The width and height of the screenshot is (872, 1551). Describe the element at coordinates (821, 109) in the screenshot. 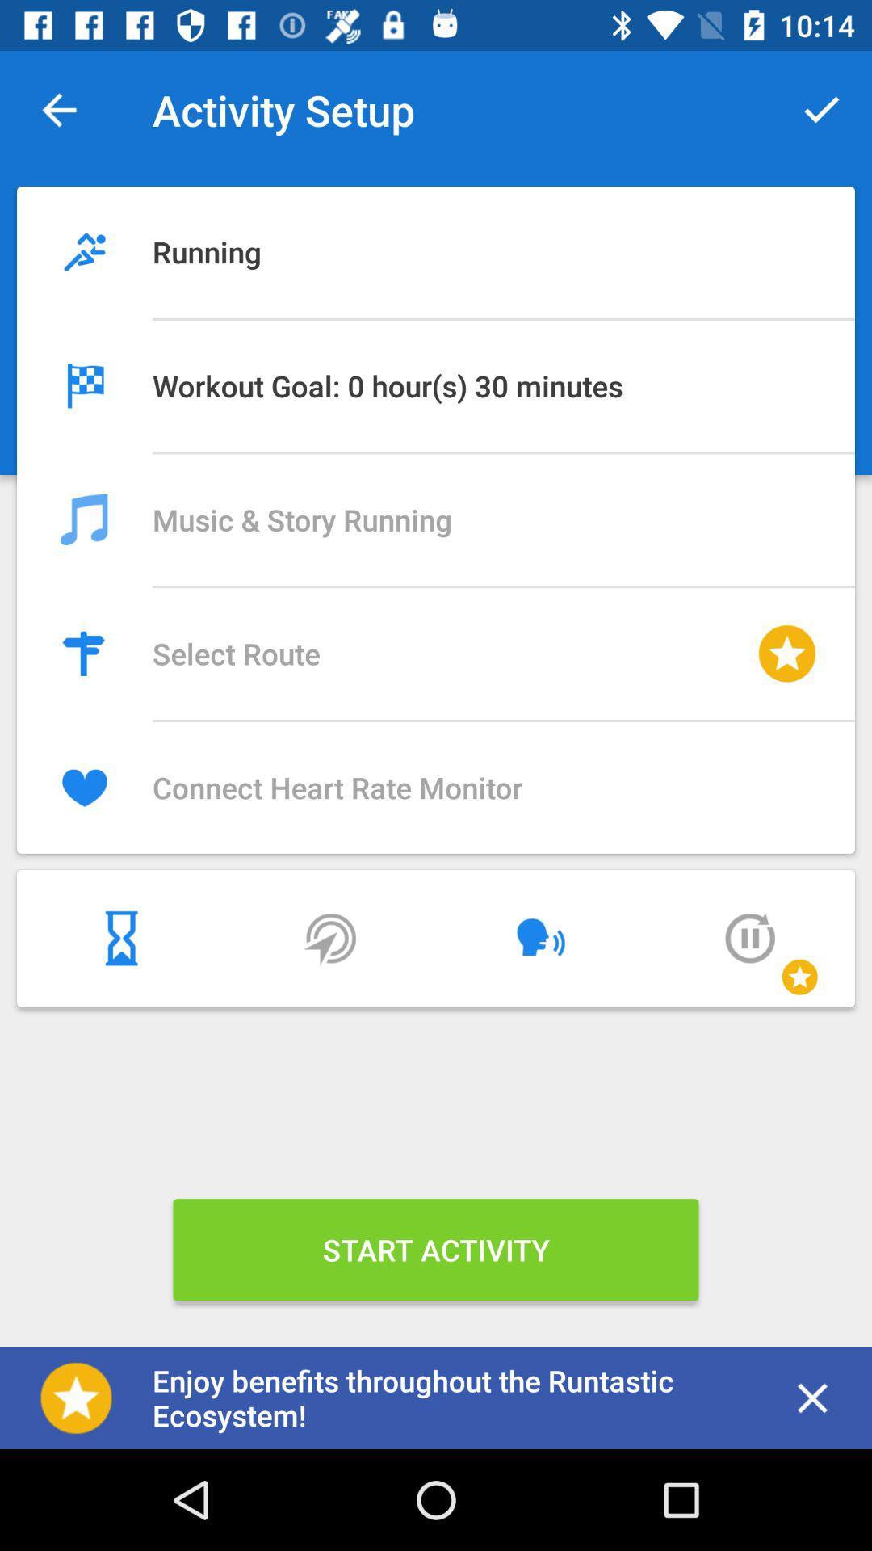

I see `the icon next to activity setup` at that location.